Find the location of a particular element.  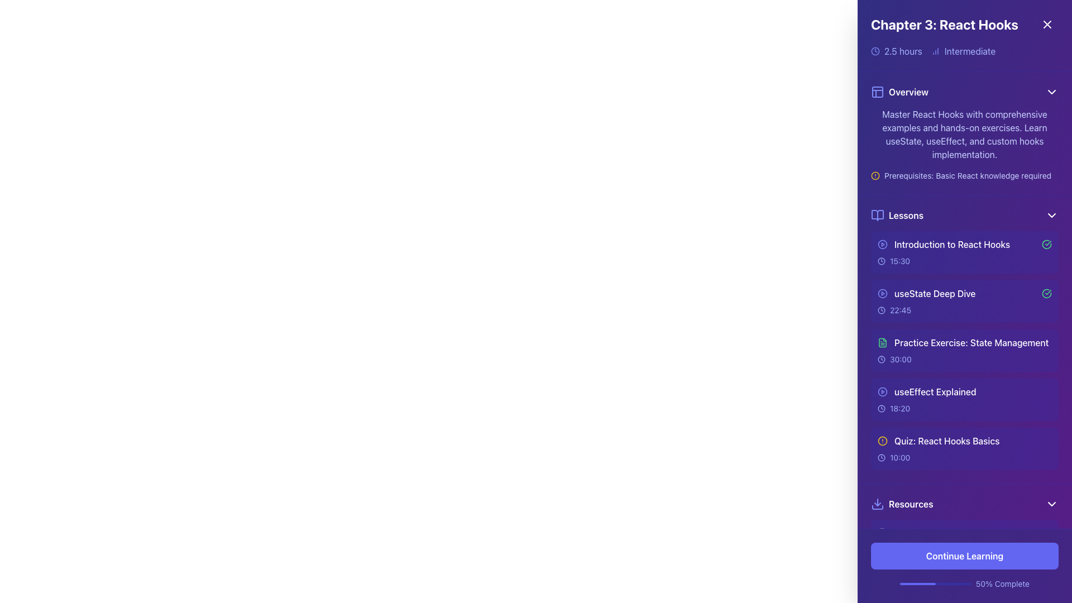

the circular clock icon, which is the leftmost element in the horizontal layout group containing the text '30:00', located in the 'Practice Exercise: State Management' row is located at coordinates (881, 360).